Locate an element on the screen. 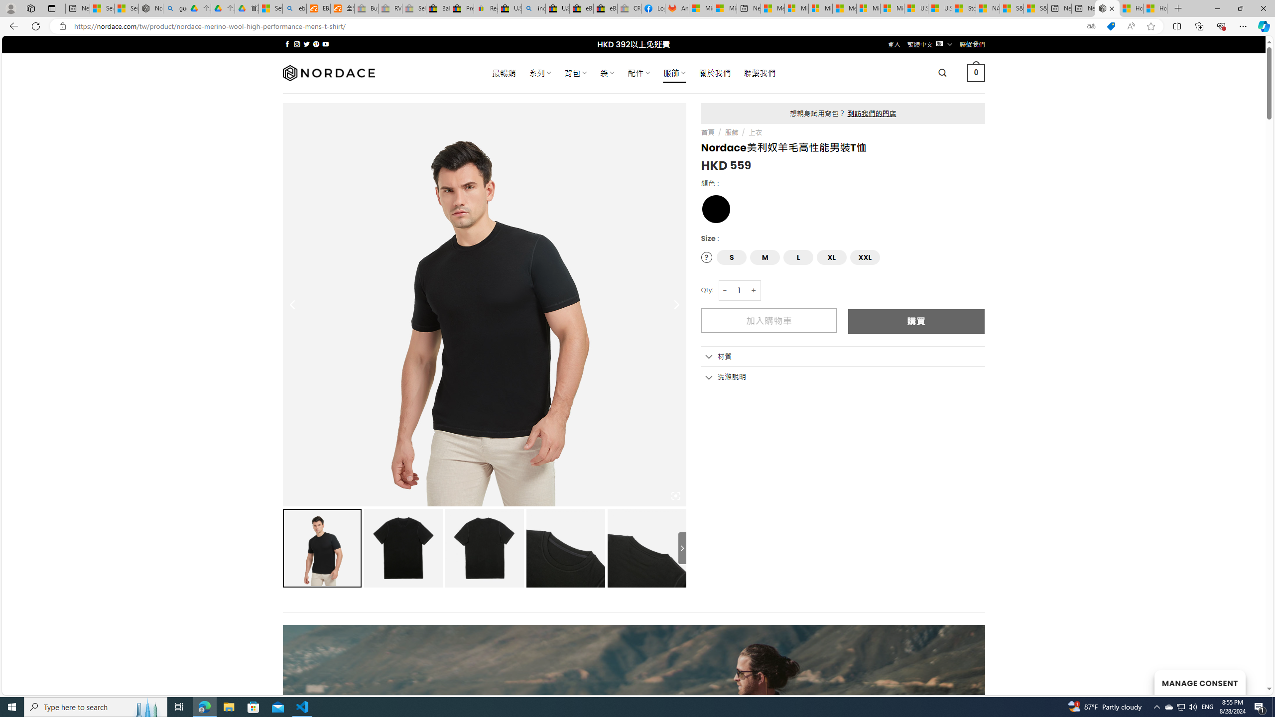 The height and width of the screenshot is (717, 1275). 'Baby Keepsakes & Announcements for sale | eBay' is located at coordinates (438, 8).